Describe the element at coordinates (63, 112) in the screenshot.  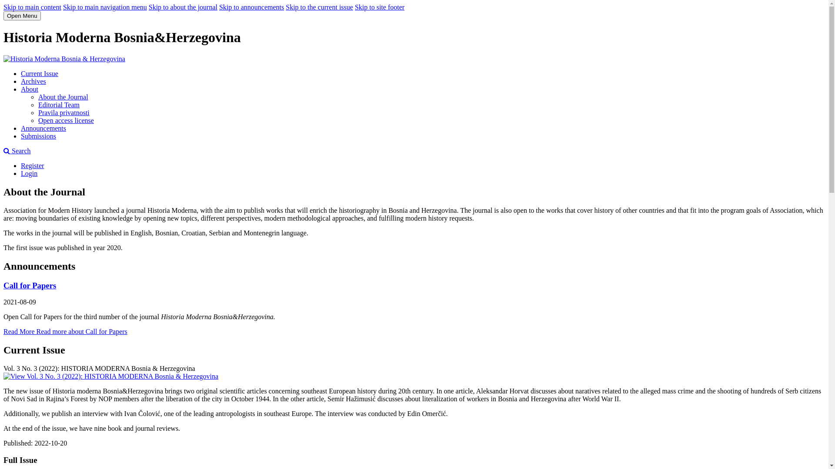
I see `'Pravila privatnosti'` at that location.